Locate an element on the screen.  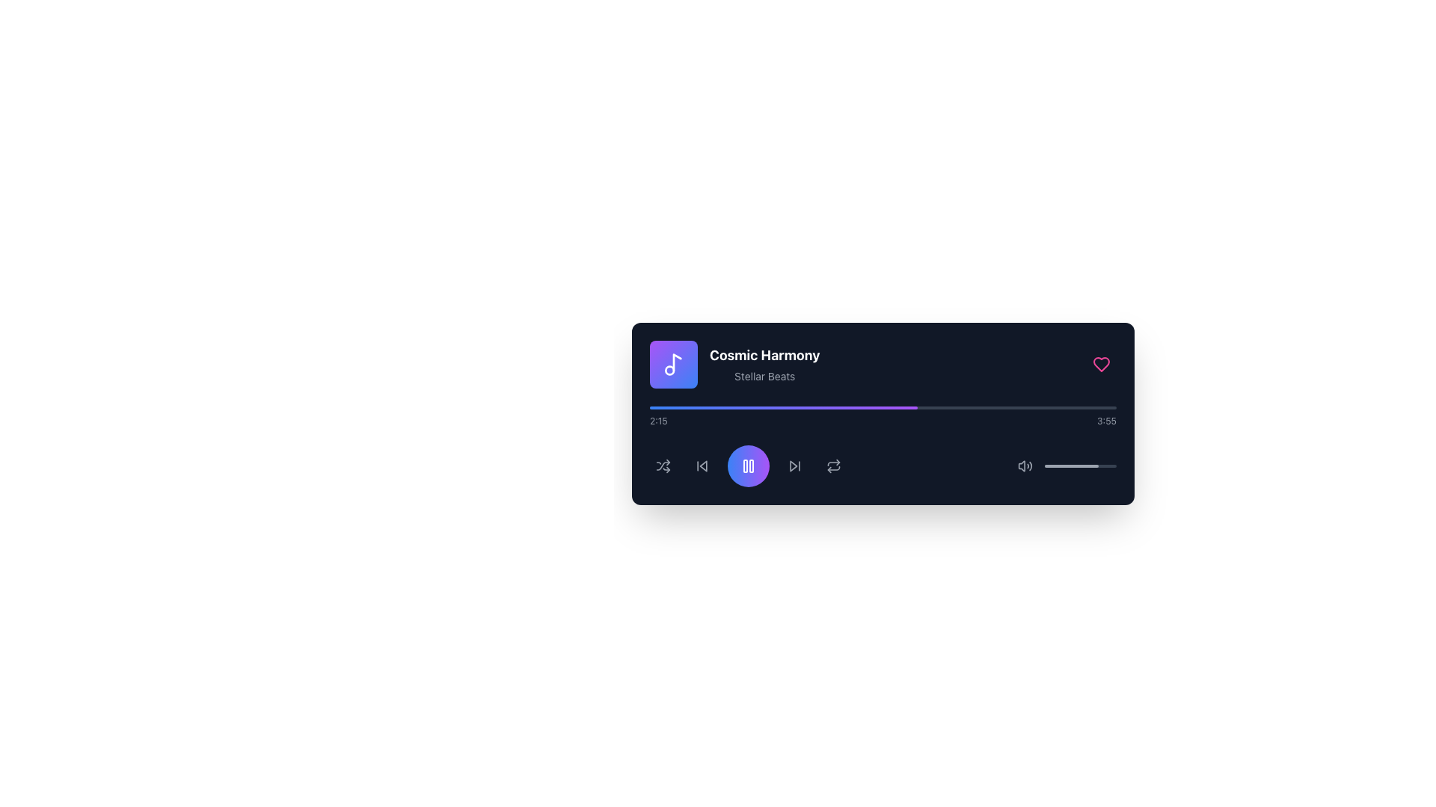
the shuffle icon, which is a gray icon with interweaving arrows, located in the bottom-right section of the playback control panel is located at coordinates (663, 466).